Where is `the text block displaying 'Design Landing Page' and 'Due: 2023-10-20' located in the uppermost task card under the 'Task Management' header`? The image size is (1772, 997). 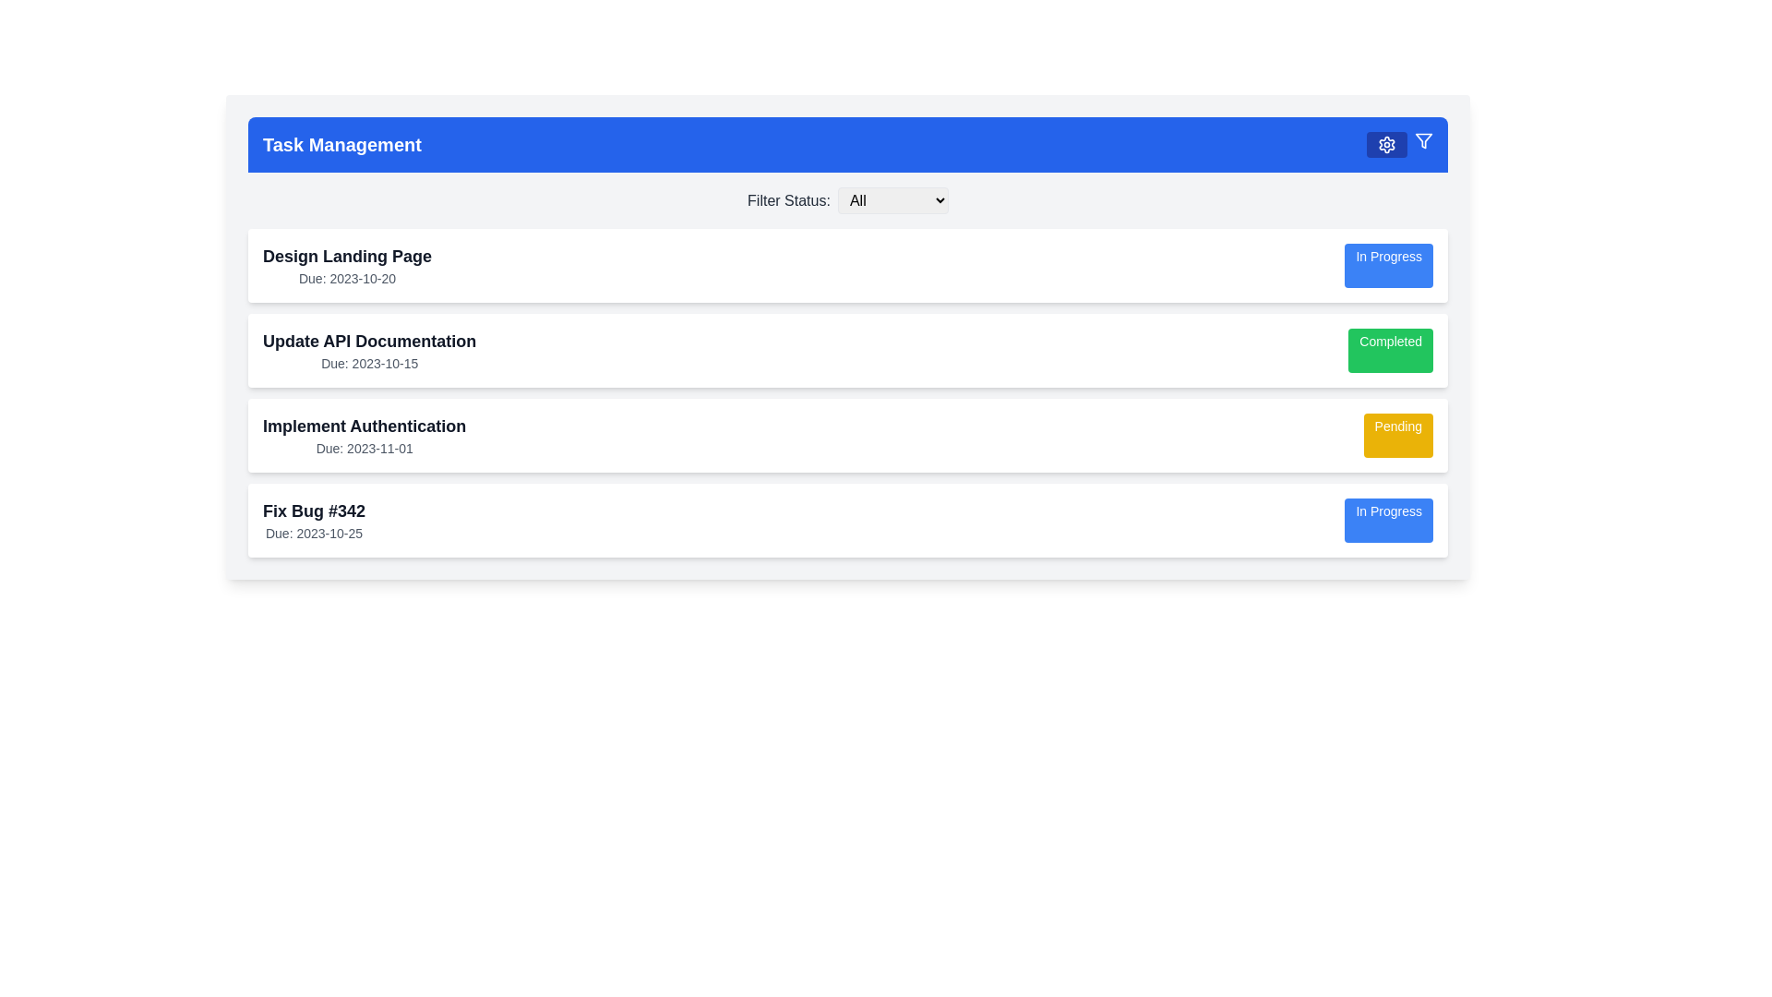 the text block displaying 'Design Landing Page' and 'Due: 2023-10-20' located in the uppermost task card under the 'Task Management' header is located at coordinates (347, 266).